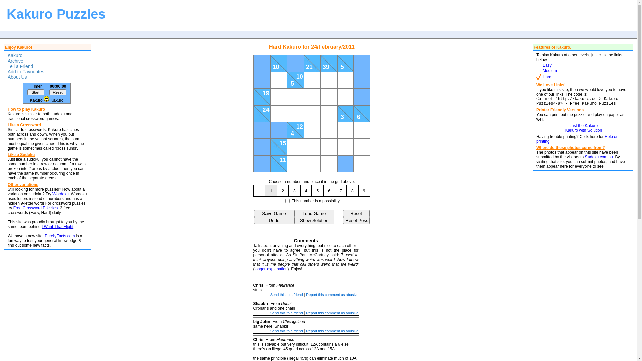  Describe the element at coordinates (287, 294) in the screenshot. I see `'Send this to a friend'` at that location.